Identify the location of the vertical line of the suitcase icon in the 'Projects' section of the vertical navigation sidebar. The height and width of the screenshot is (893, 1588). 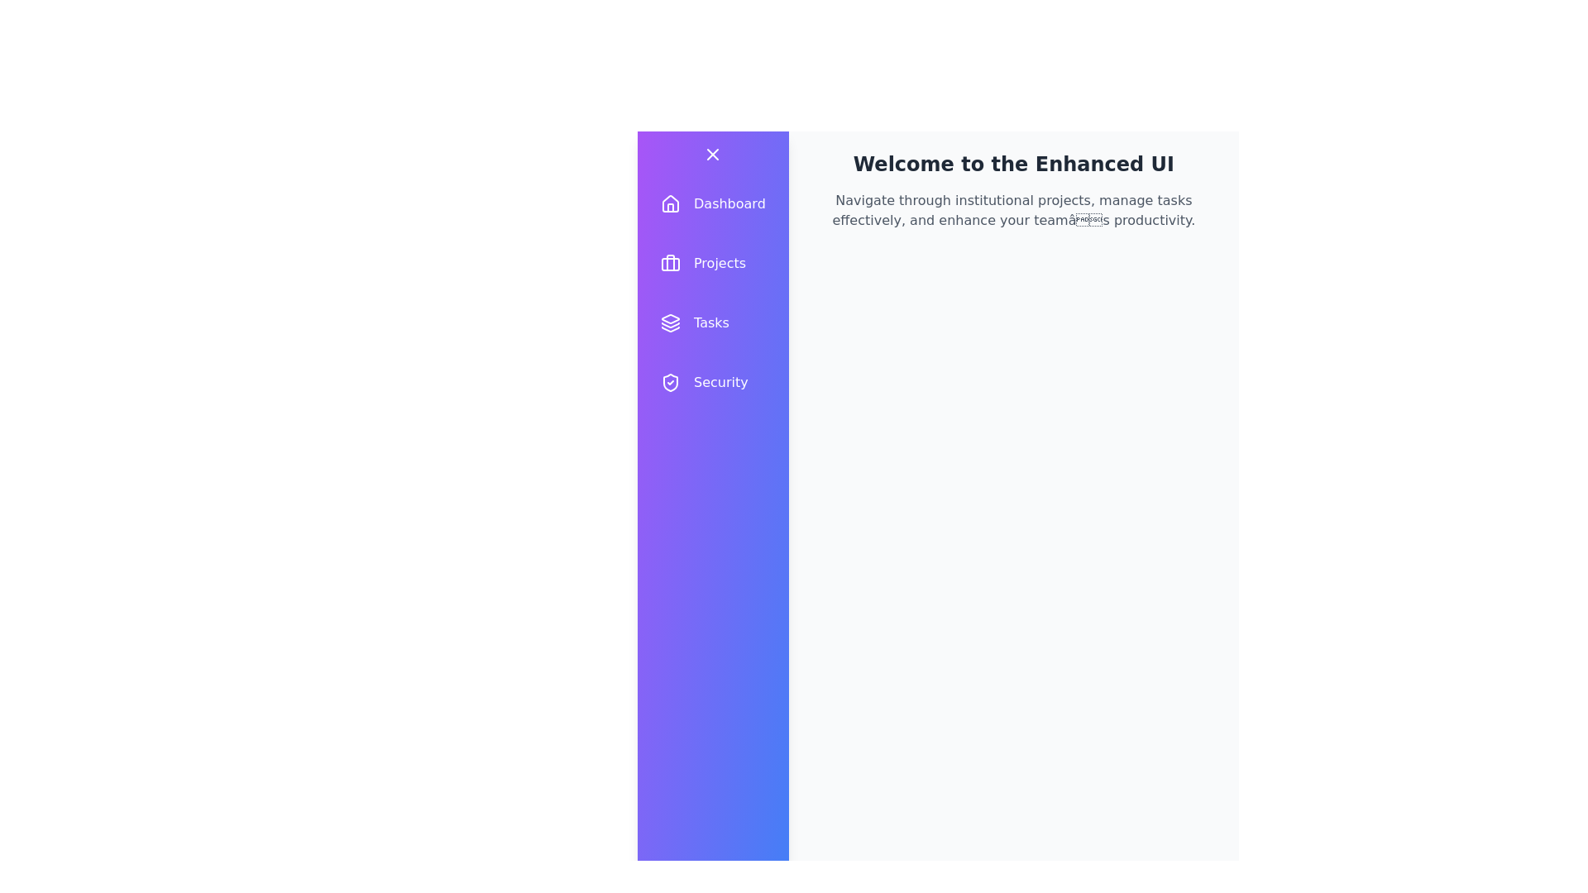
(671, 261).